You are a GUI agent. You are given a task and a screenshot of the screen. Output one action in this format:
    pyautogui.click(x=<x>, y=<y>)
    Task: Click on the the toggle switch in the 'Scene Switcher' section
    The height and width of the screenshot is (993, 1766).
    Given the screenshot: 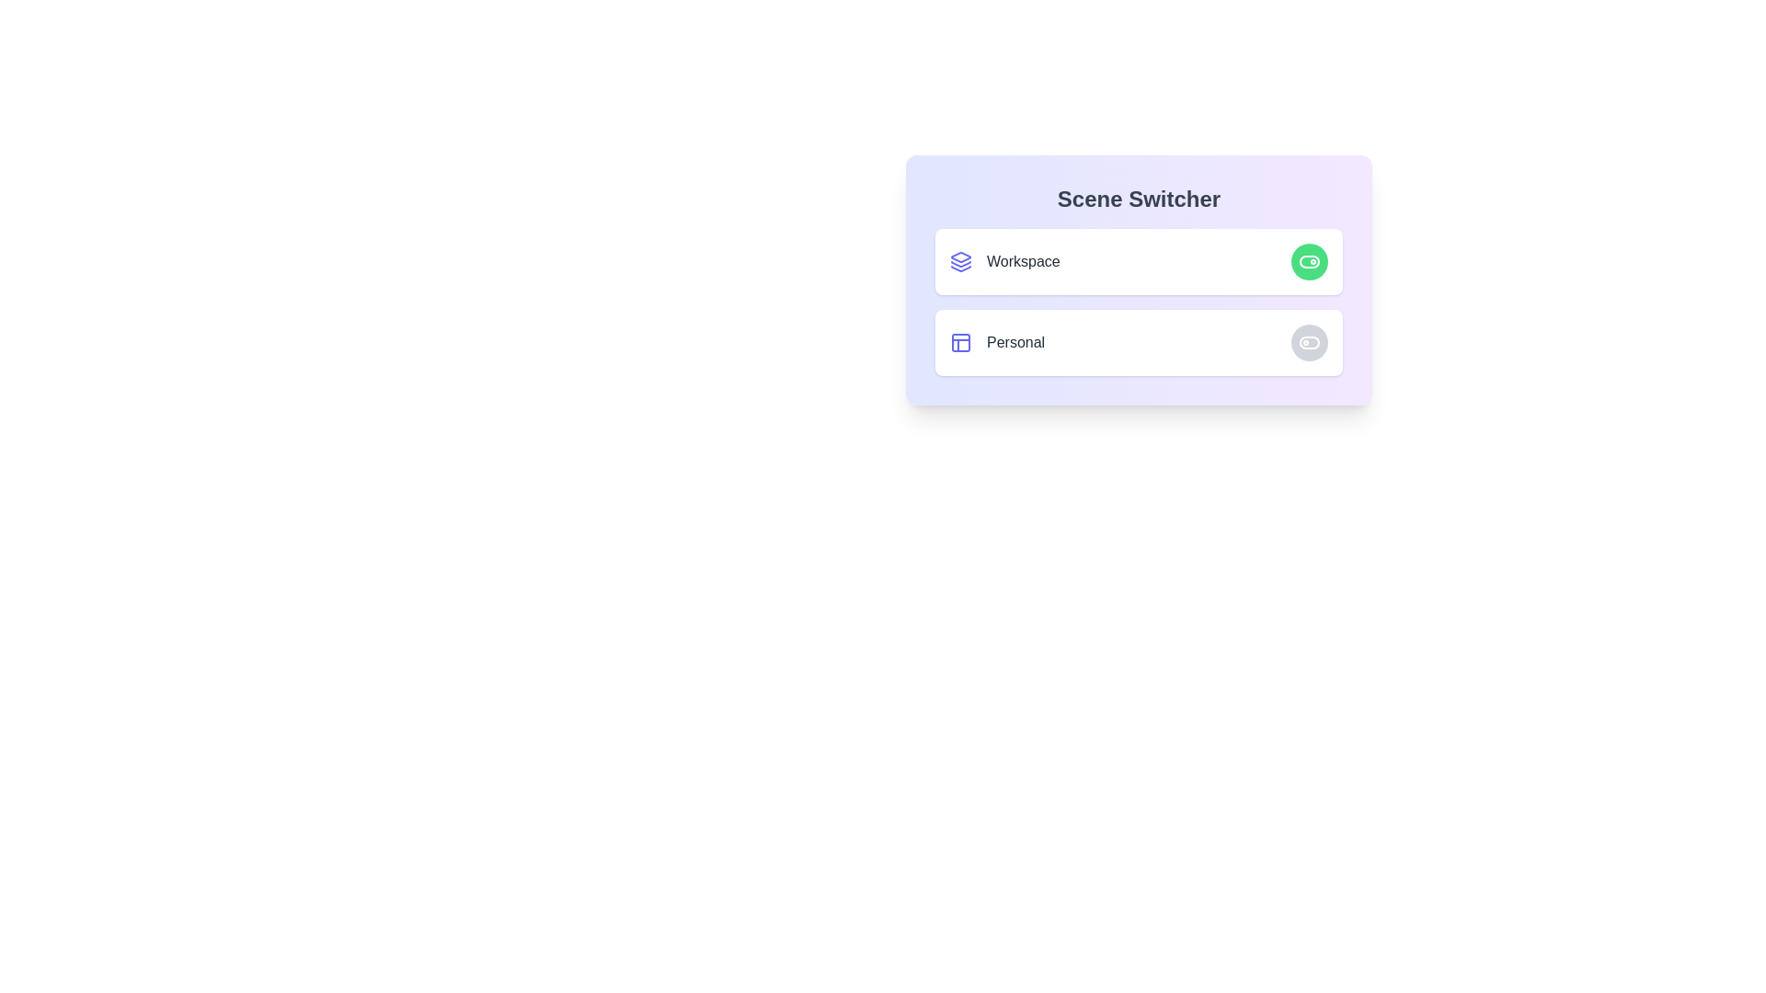 What is the action you would take?
    pyautogui.click(x=1309, y=262)
    